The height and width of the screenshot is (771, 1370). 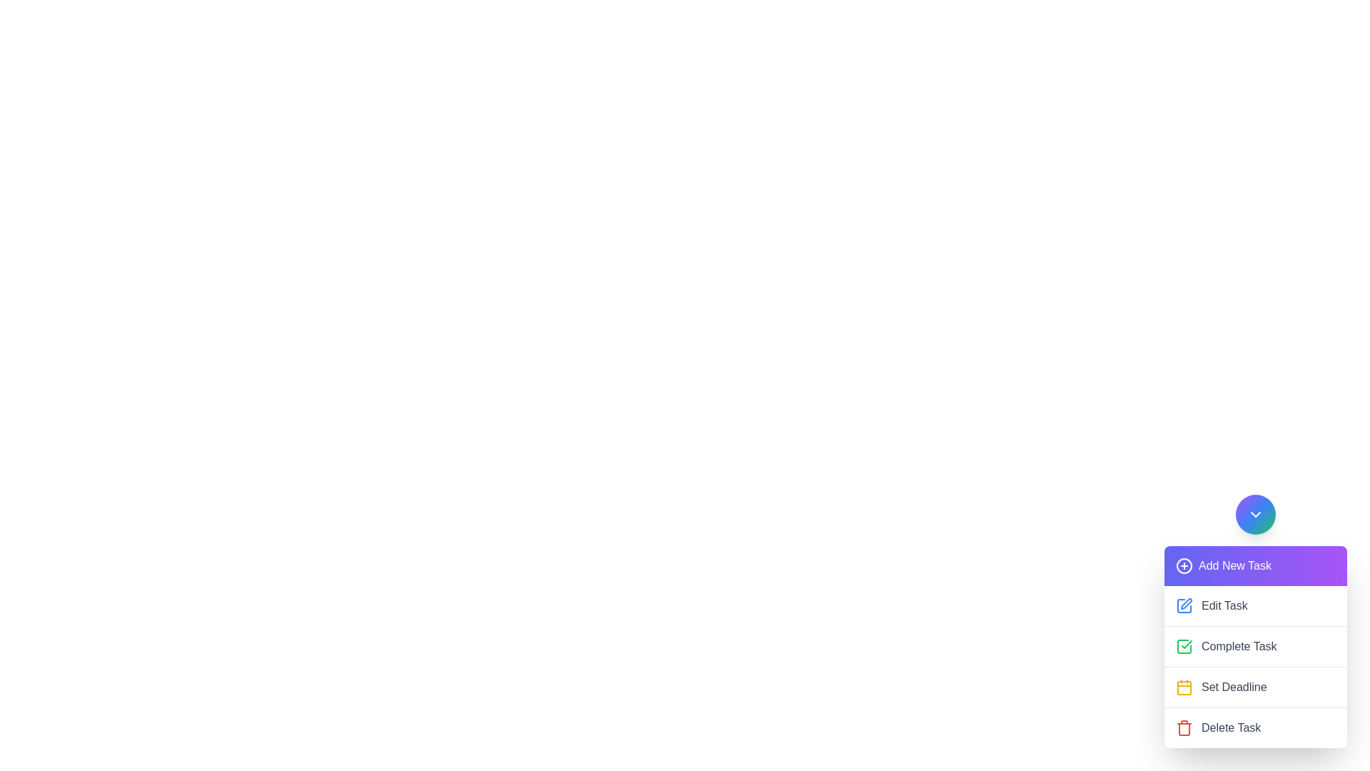 What do you see at coordinates (1184, 647) in the screenshot?
I see `the green checkmark icon located to the left of the 'Complete Task' text in the selection menu` at bounding box center [1184, 647].